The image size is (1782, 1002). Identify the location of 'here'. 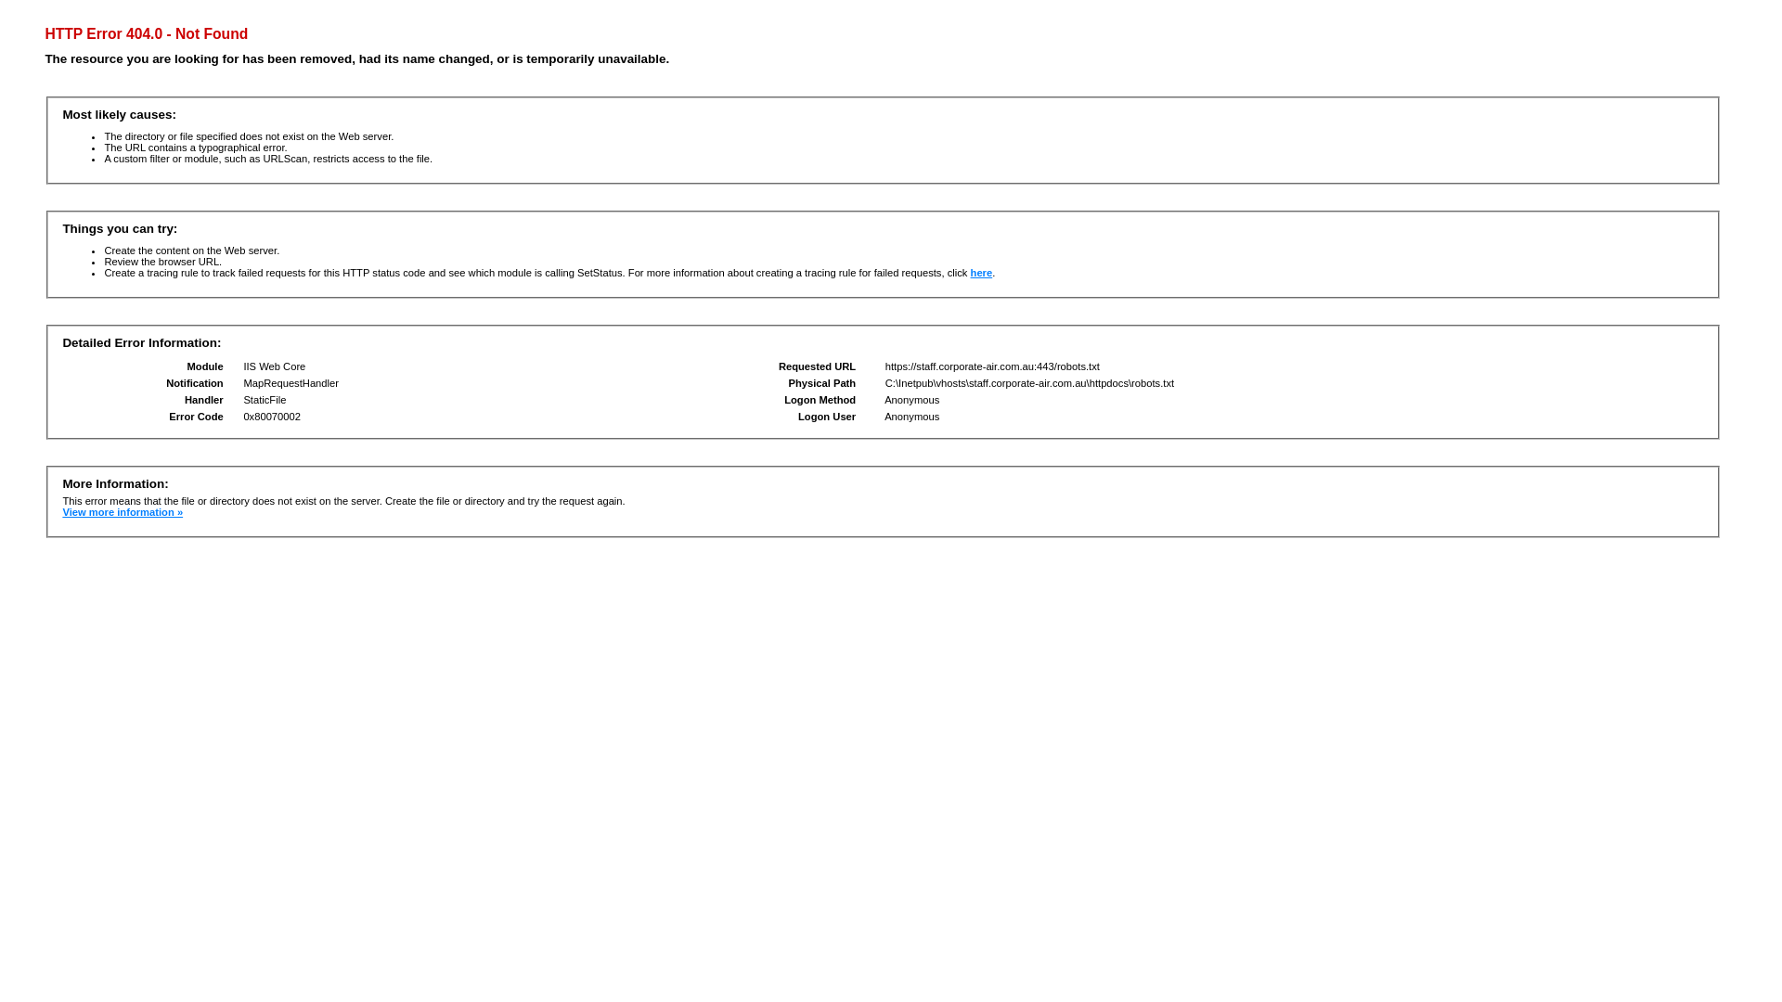
(980, 272).